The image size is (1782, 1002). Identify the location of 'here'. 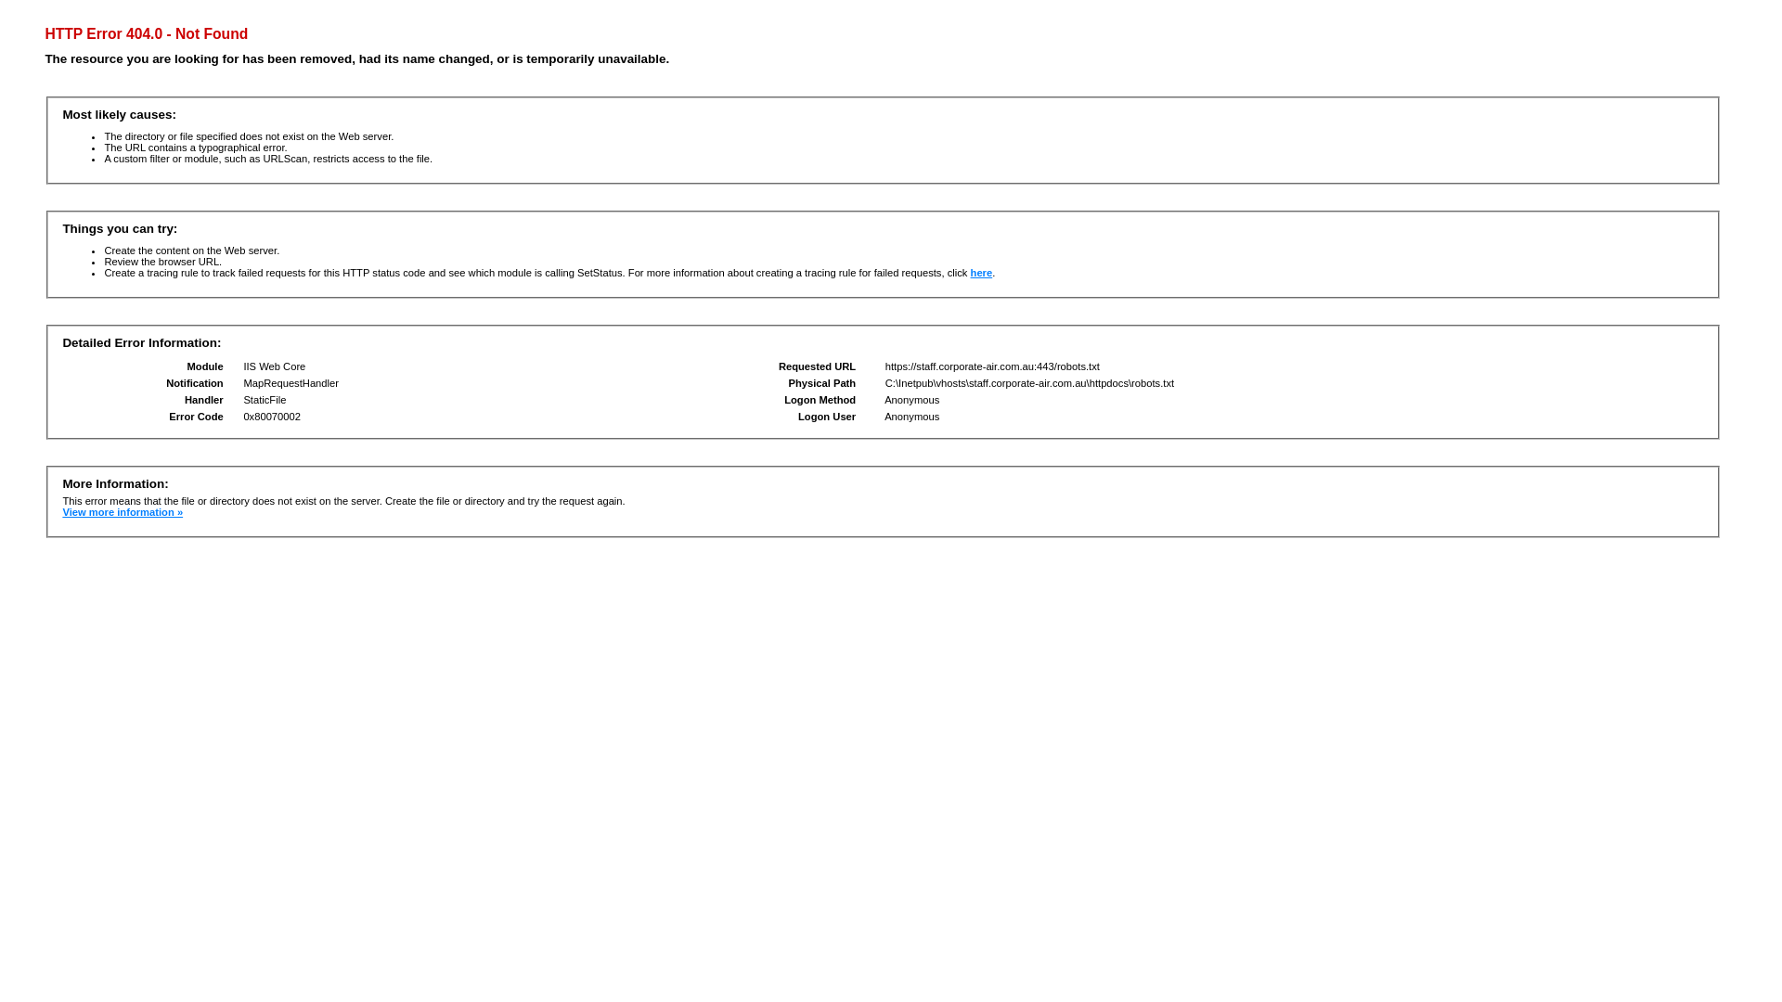
(980, 272).